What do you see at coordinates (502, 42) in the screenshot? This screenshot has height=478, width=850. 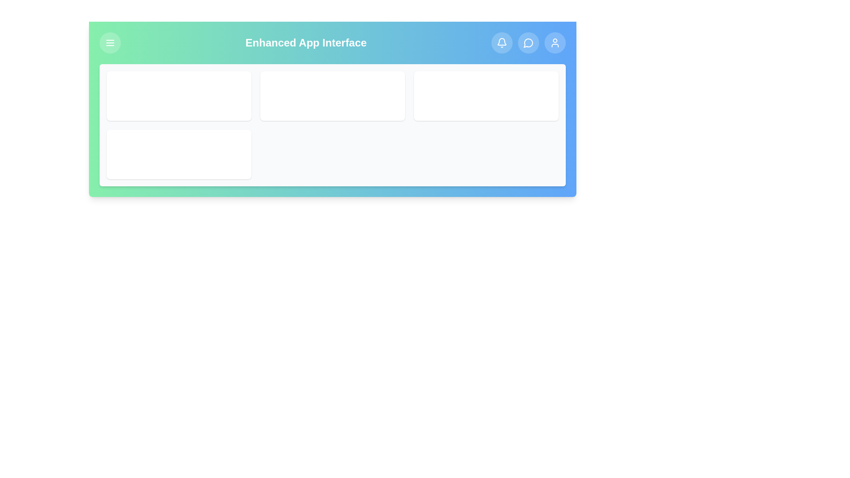 I see `the notification button to view notifications` at bounding box center [502, 42].